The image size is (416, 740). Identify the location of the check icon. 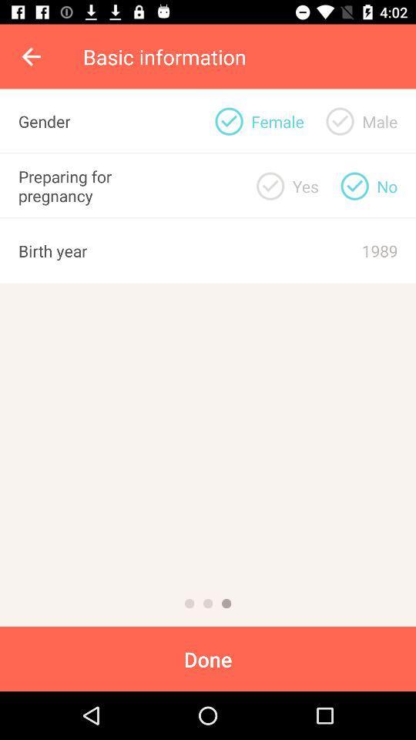
(270, 185).